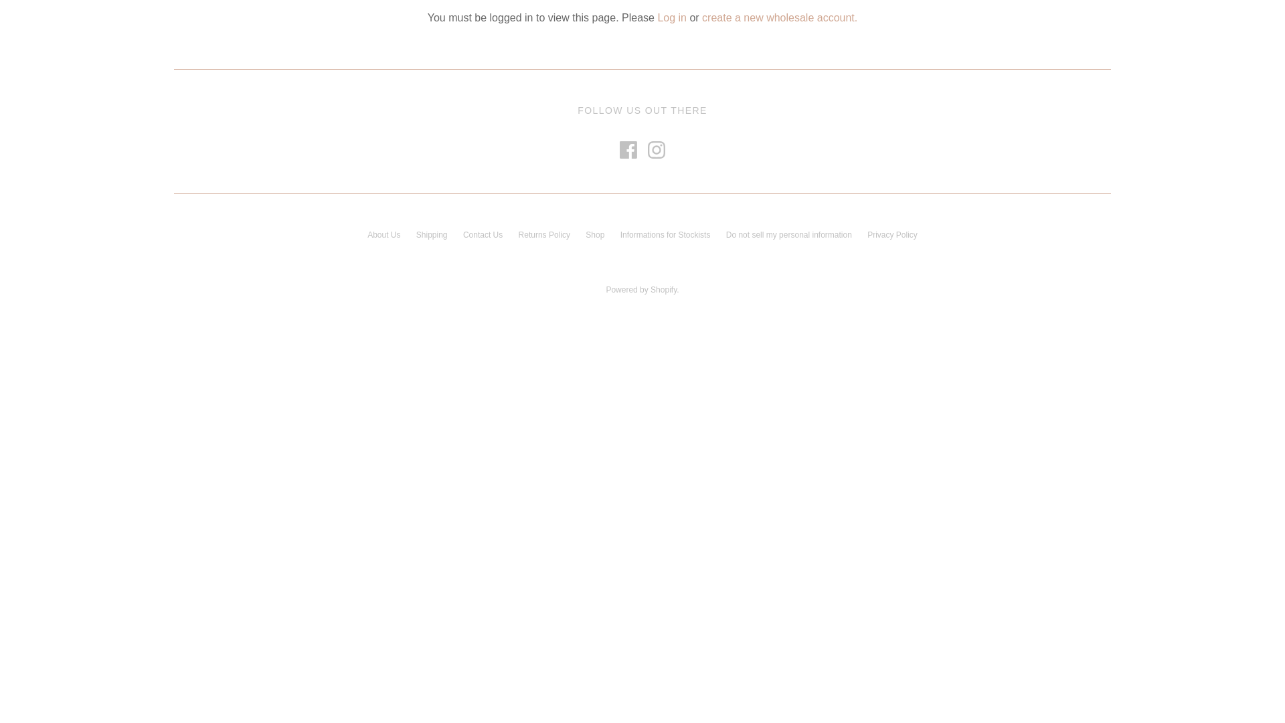  What do you see at coordinates (462, 234) in the screenshot?
I see `'Contact Us'` at bounding box center [462, 234].